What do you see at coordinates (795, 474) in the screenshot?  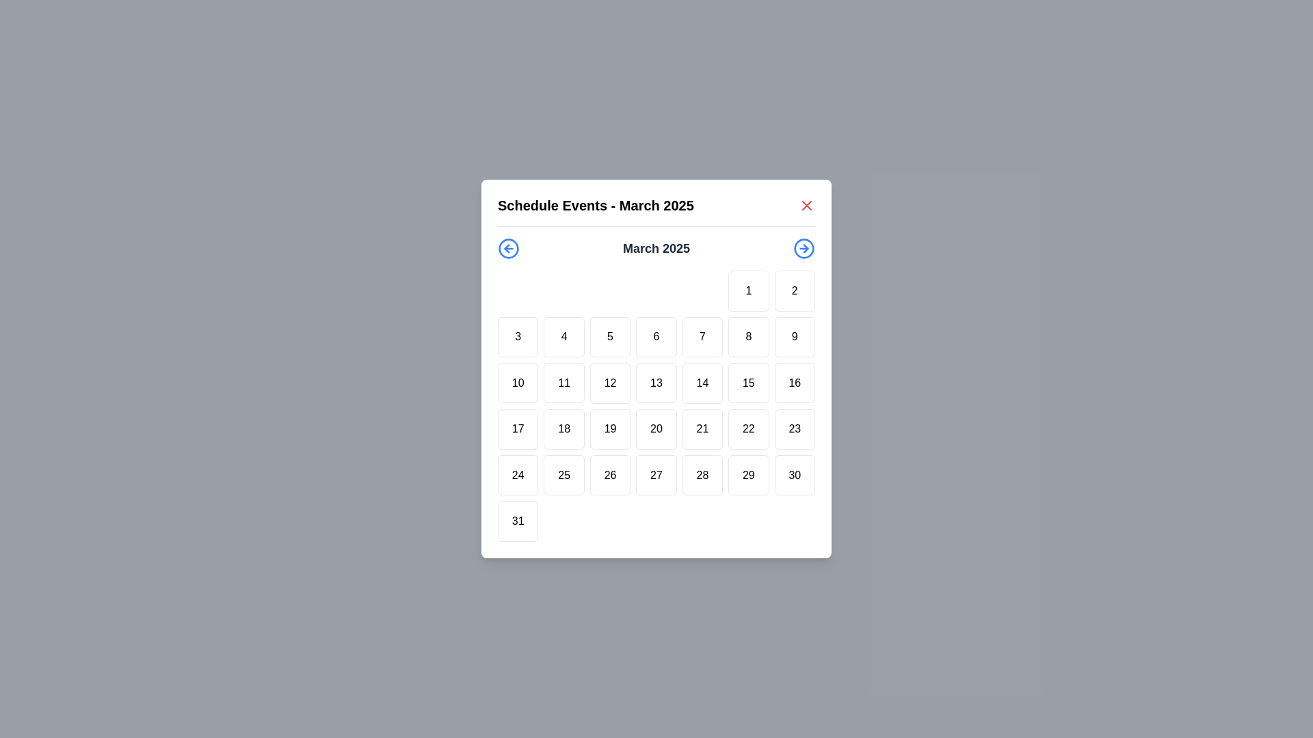 I see `the interactive calendar day cell button displaying the numeral '30'` at bounding box center [795, 474].